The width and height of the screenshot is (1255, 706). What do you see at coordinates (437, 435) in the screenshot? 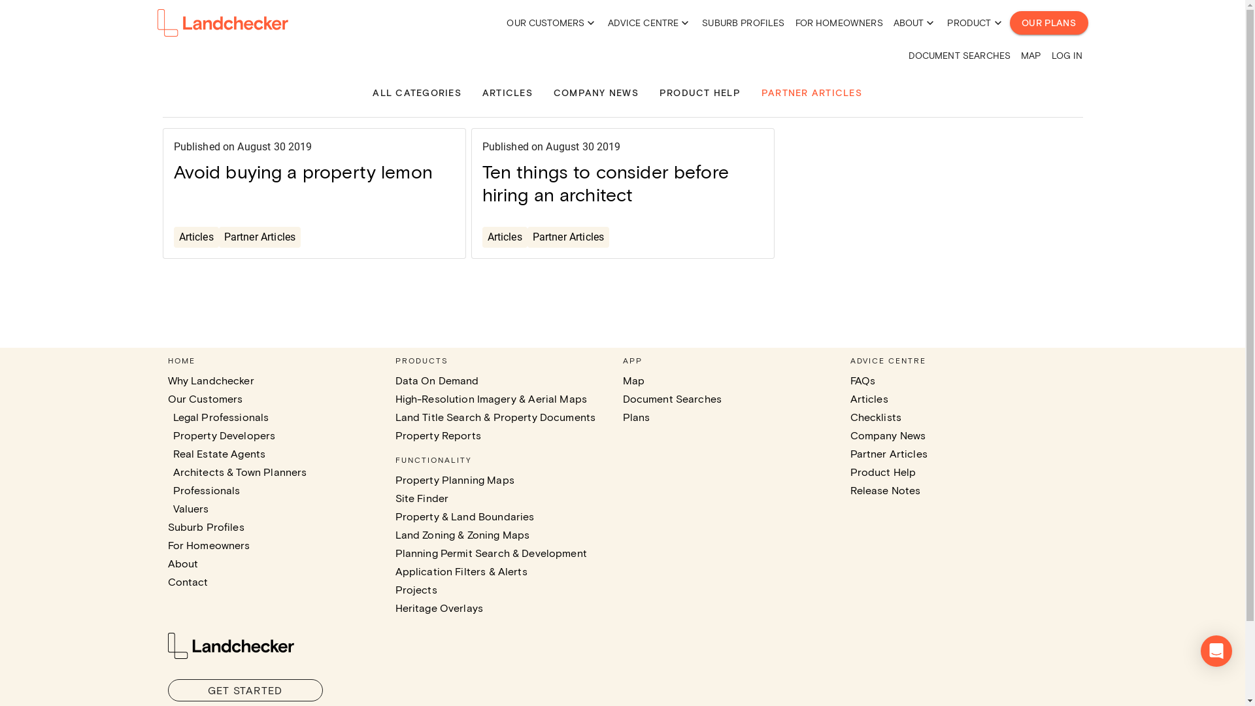
I see `'Property Reports'` at bounding box center [437, 435].